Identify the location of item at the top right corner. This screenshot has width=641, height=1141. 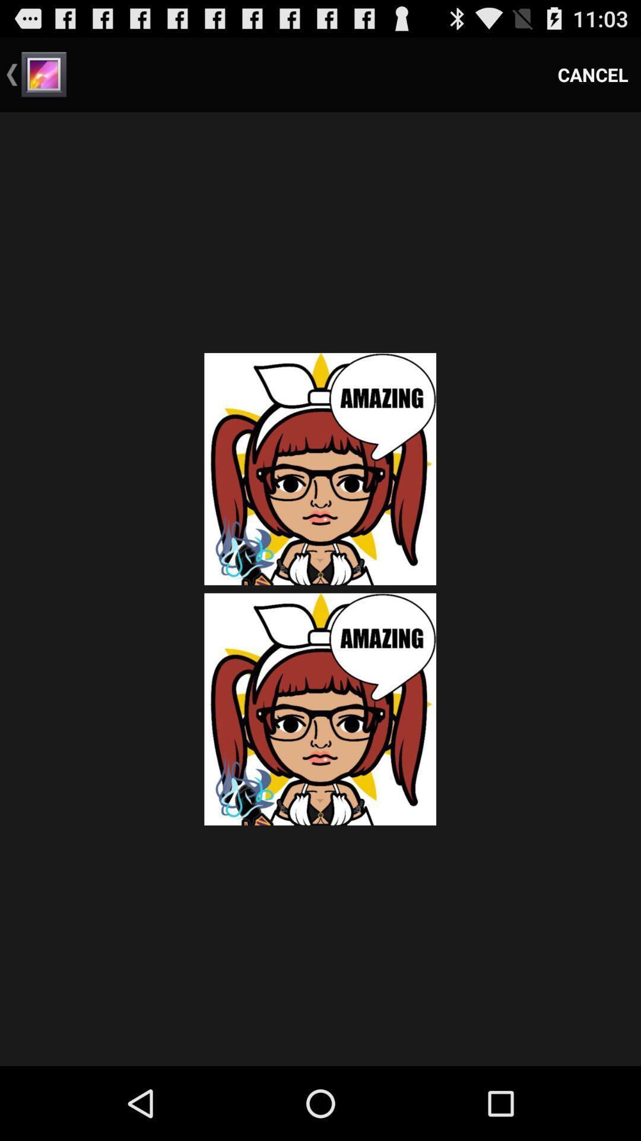
(593, 74).